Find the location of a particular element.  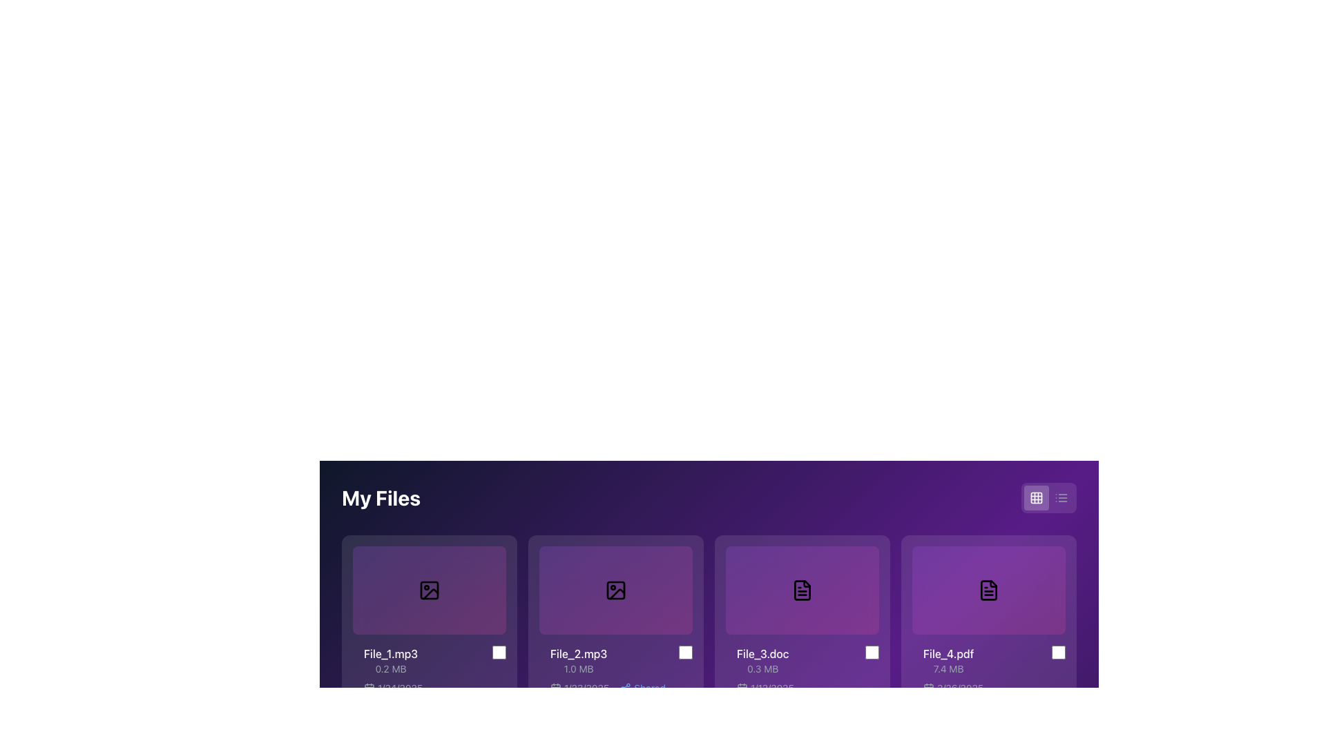

text displayed in the first visible file entry label located in the upper-left section of the grid layout, directly below the preview image is located at coordinates (390, 659).